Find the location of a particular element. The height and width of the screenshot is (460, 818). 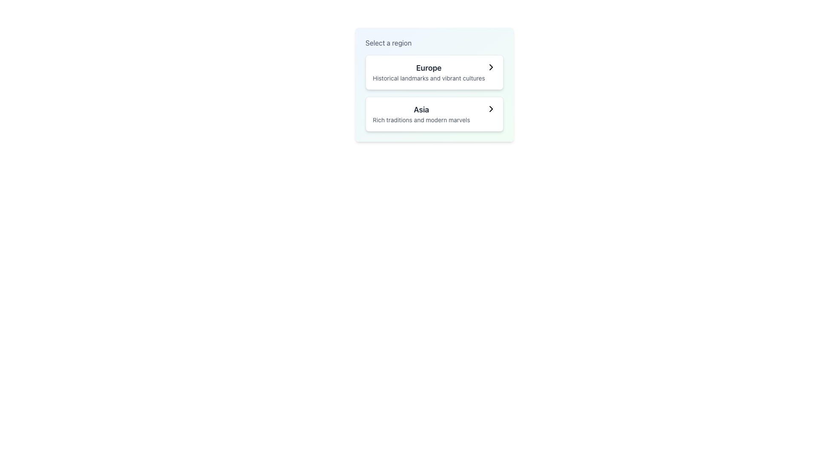

the arrow-like icon pointing to the right, located to the right of the 'Europe' label in the region list is located at coordinates (491, 67).